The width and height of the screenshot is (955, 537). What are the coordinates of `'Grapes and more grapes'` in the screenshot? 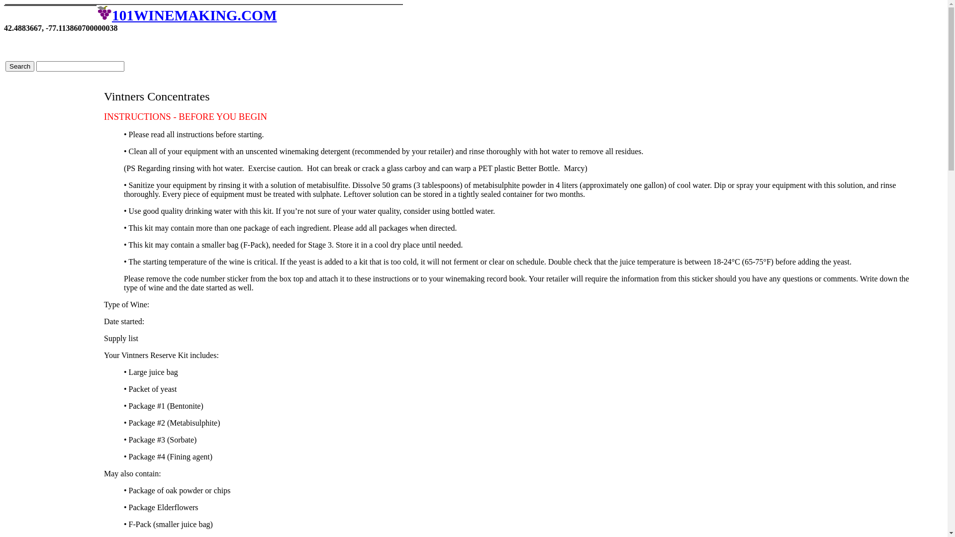 It's located at (96, 12).